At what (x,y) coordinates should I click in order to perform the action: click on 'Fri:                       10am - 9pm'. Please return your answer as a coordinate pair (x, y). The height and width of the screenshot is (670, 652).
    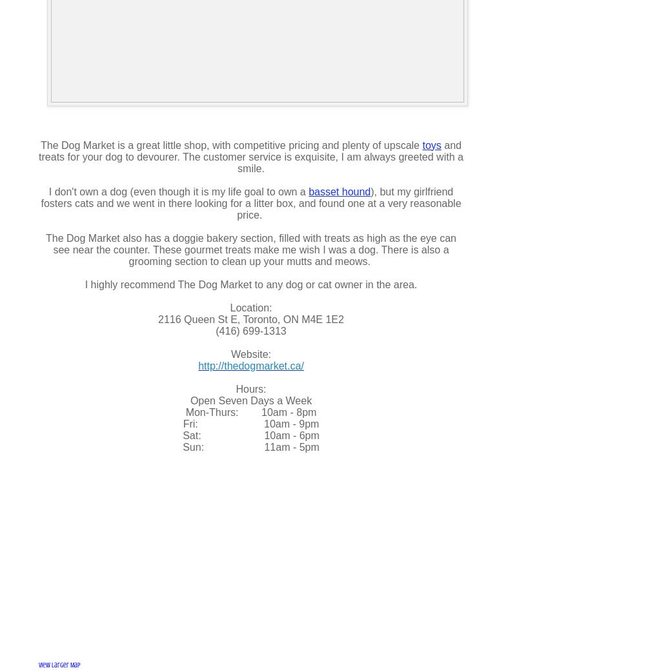
    Looking at the image, I should click on (250, 423).